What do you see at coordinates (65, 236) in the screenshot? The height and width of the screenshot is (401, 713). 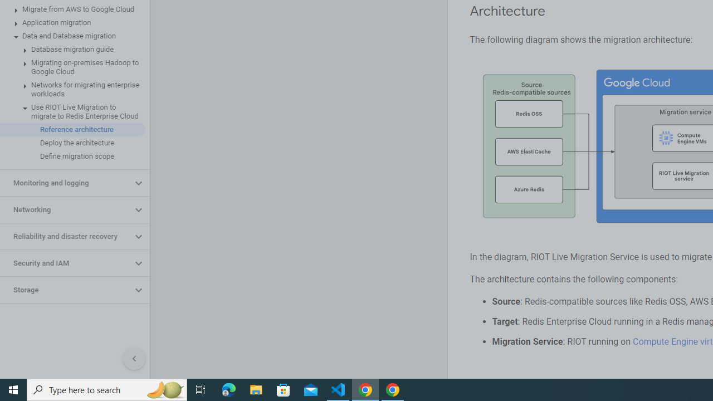 I see `'Reliability and disaster recovery'` at bounding box center [65, 236].